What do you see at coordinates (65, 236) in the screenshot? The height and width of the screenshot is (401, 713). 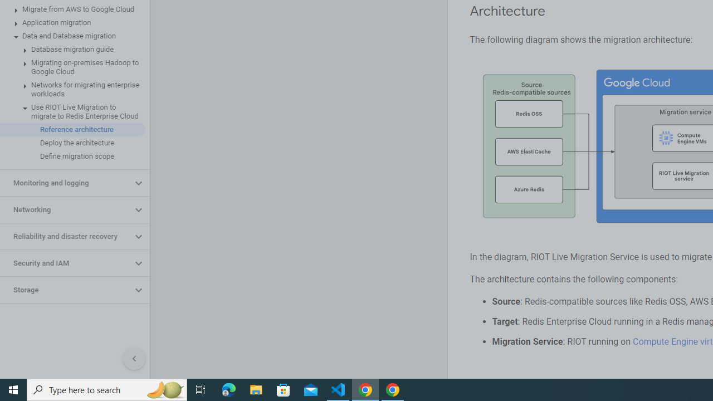 I see `'Reliability and disaster recovery'` at bounding box center [65, 236].